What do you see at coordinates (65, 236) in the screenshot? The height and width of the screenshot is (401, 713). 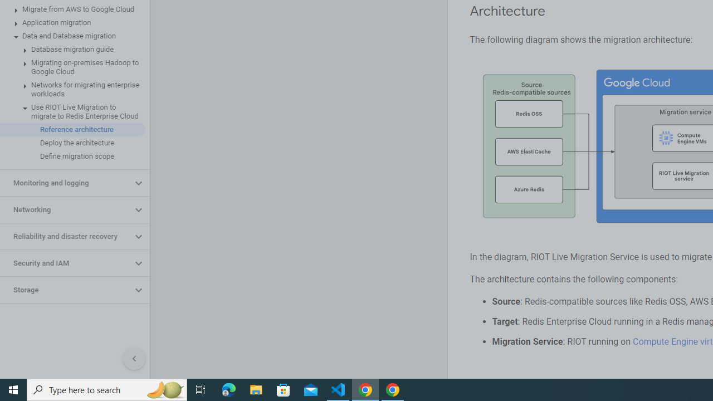 I see `'Reliability and disaster recovery'` at bounding box center [65, 236].